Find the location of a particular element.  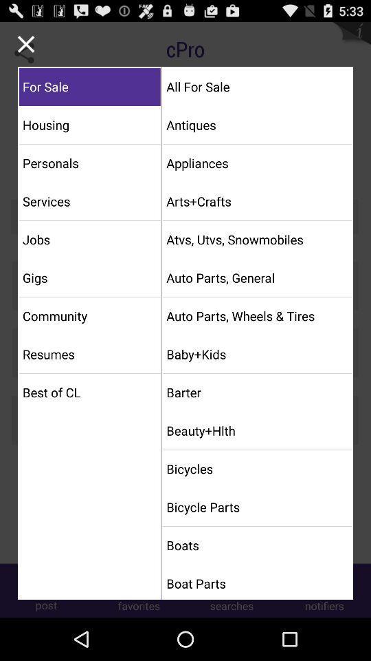

item below boats icon is located at coordinates (257, 583).